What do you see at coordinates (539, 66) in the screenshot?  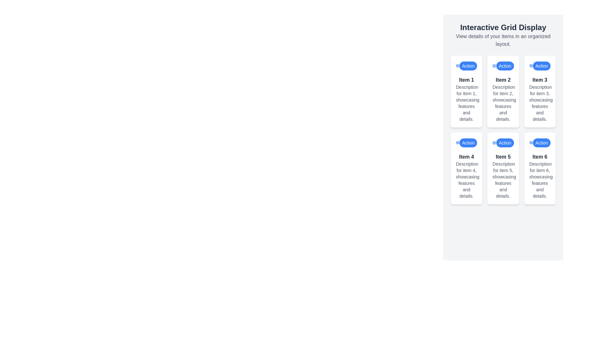 I see `the interactive button labeled 'Action' located at the top of the third card in the grid layout to change its visual style` at bounding box center [539, 66].